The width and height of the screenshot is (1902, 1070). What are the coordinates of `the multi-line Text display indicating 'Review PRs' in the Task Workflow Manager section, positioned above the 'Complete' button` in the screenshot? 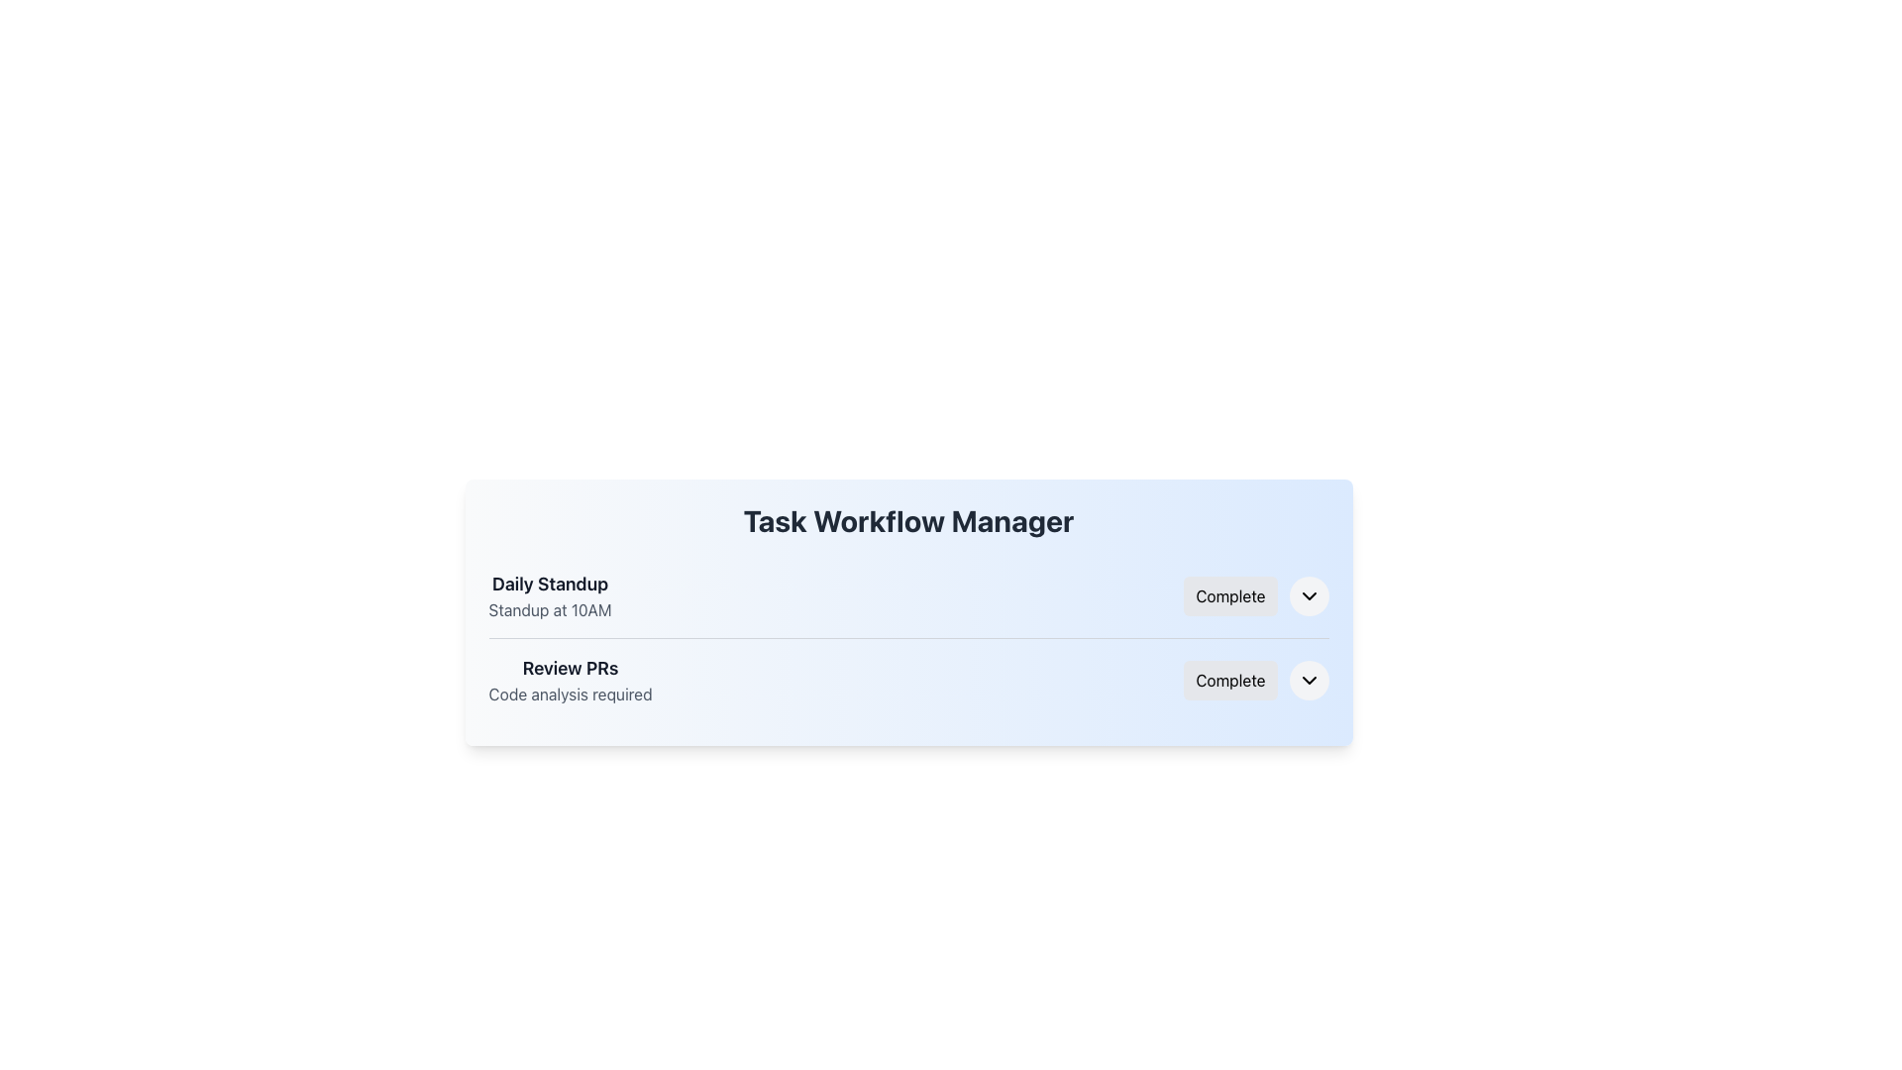 It's located at (570, 679).